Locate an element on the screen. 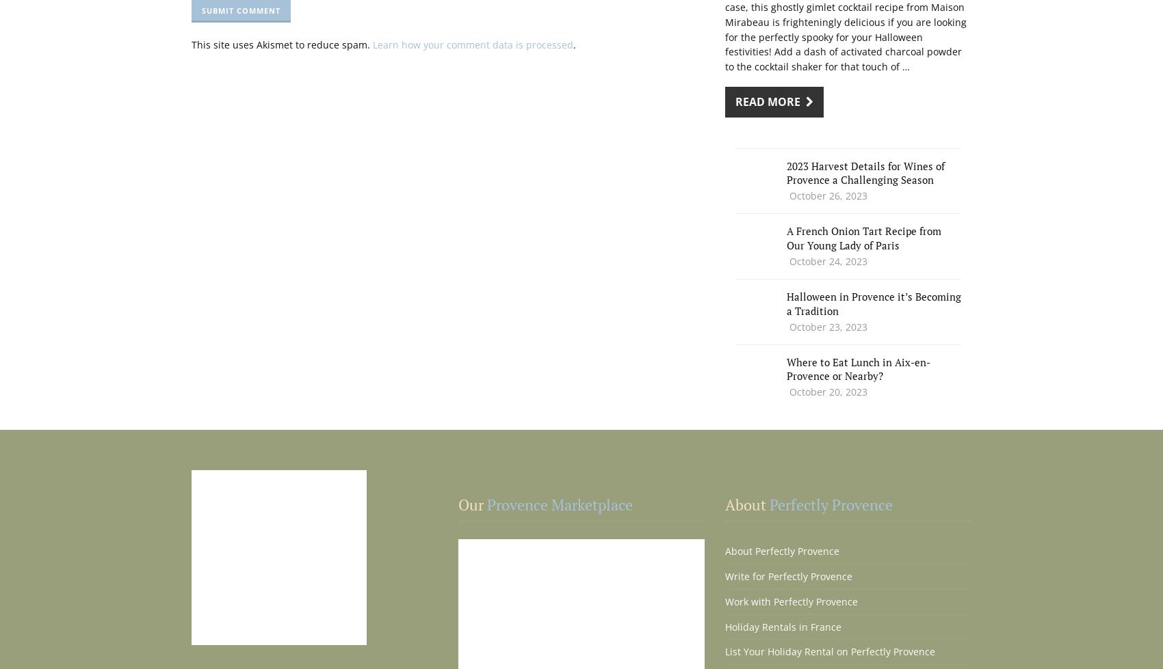 The width and height of the screenshot is (1163, 669). 'Write for Perfectly Provence' is located at coordinates (724, 575).